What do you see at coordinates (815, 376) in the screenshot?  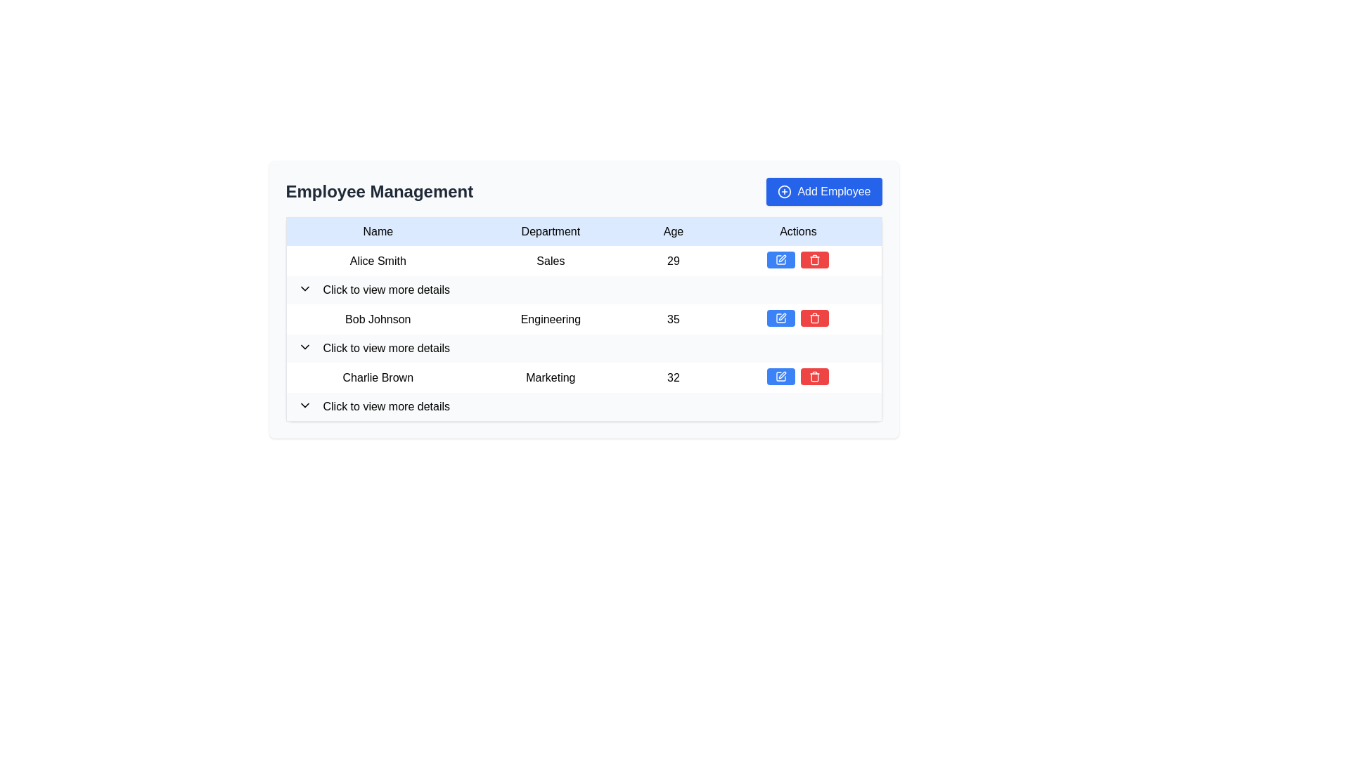 I see `the red trash bin button in the Actions column for employee Charlie Brown` at bounding box center [815, 376].